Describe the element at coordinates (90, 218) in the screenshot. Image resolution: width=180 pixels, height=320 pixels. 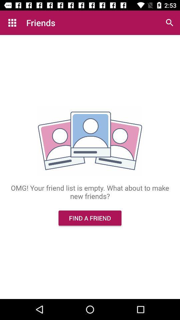
I see `the find a friend icon` at that location.